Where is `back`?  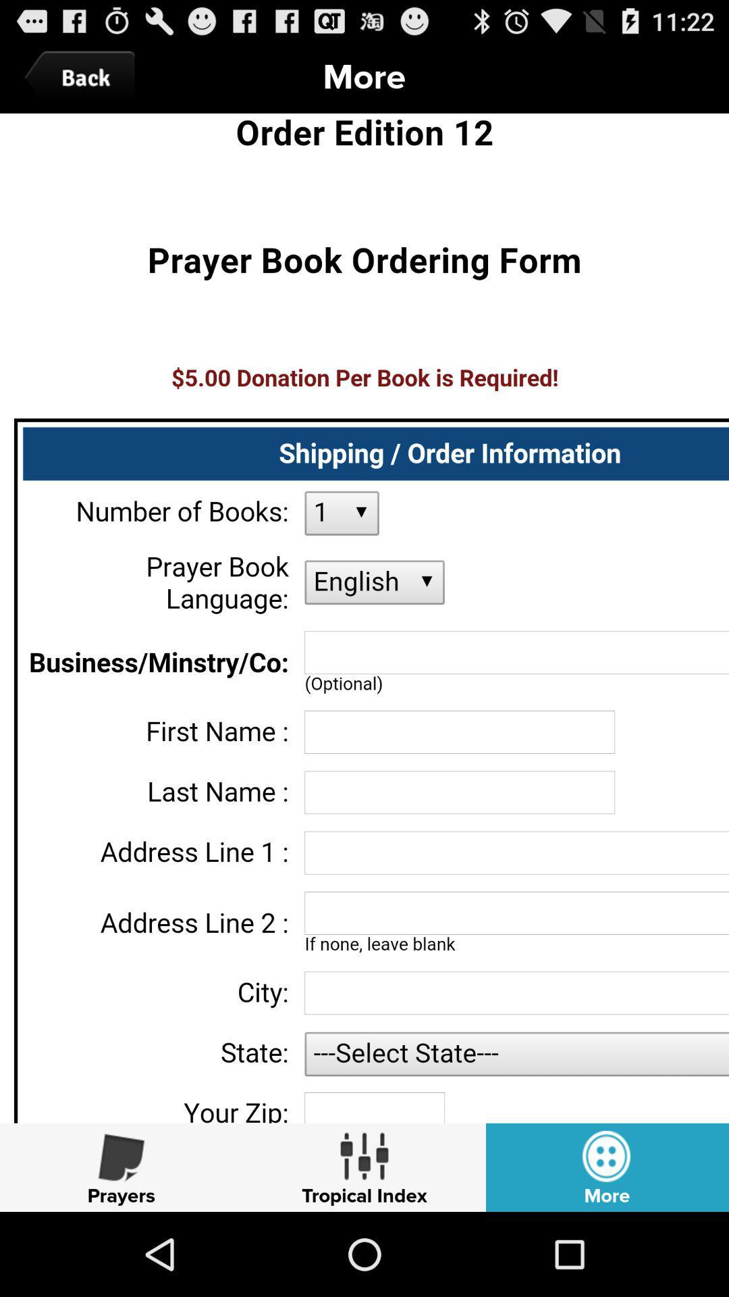
back is located at coordinates (83, 77).